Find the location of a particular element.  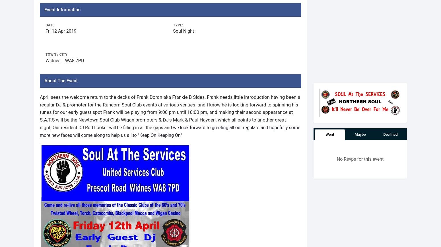

'Declined' is located at coordinates (390, 134).